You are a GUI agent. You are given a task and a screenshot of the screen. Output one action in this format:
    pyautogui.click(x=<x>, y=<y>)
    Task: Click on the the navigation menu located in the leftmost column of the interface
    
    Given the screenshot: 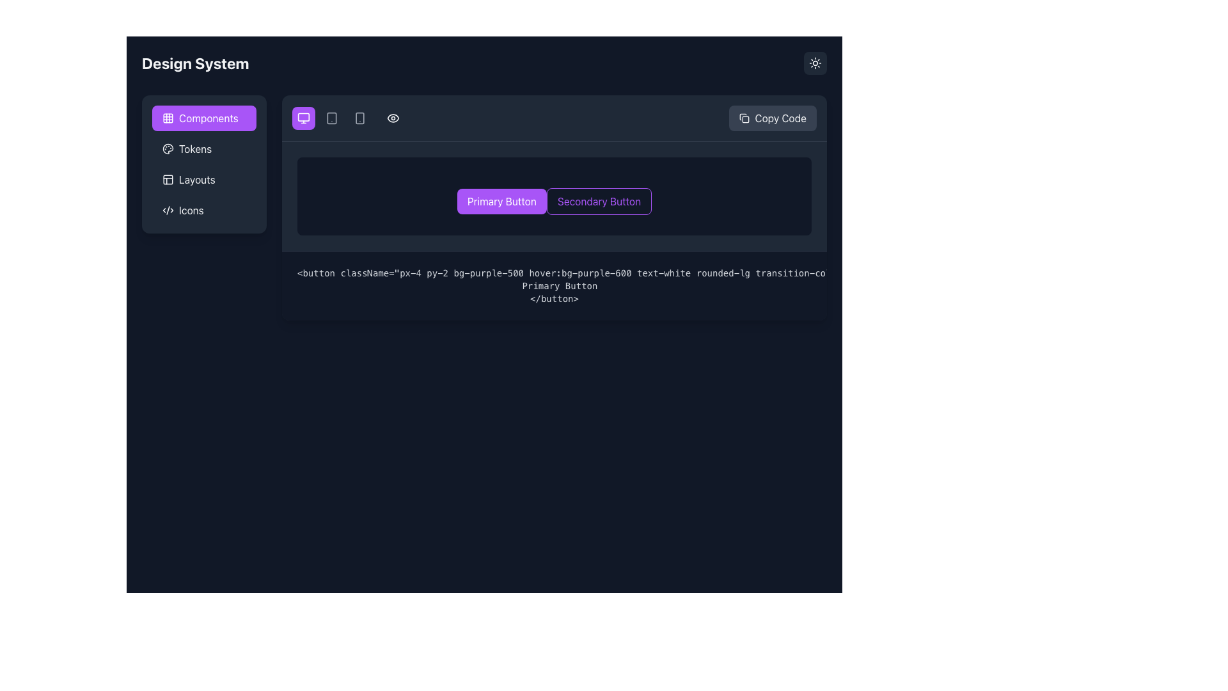 What is the action you would take?
    pyautogui.click(x=203, y=207)
    